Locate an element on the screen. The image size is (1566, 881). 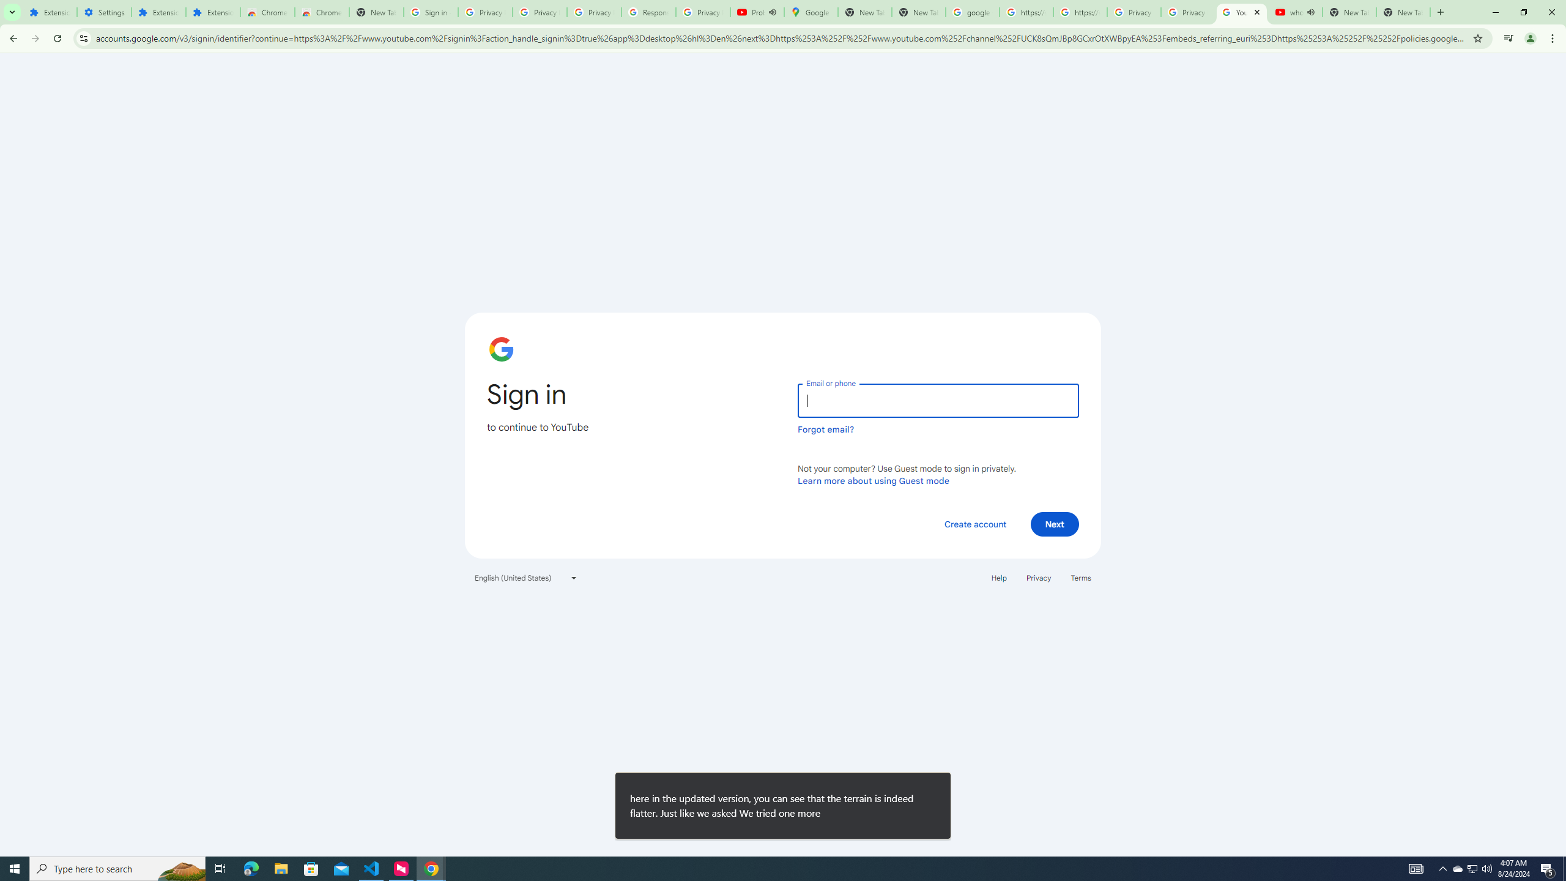
'Forgot email?' is located at coordinates (825, 429).